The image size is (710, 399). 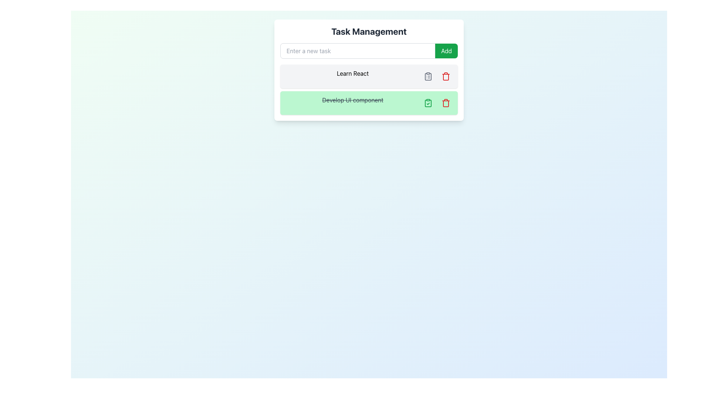 What do you see at coordinates (369, 76) in the screenshot?
I see `title of the first task item in the task management interface, which is positioned above the 'Develop UI component' item` at bounding box center [369, 76].